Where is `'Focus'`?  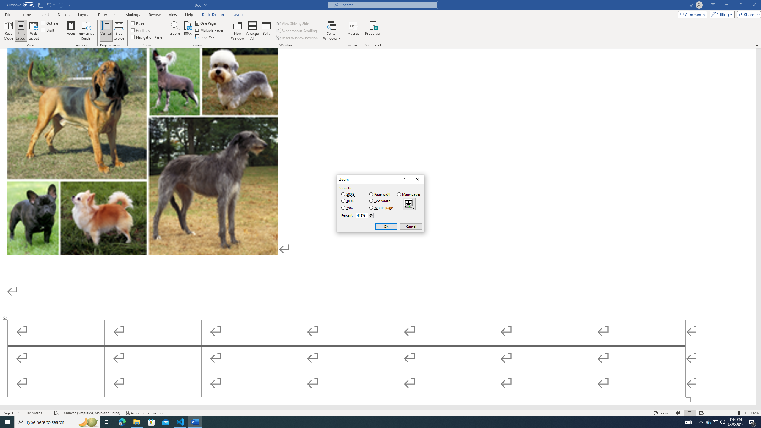 'Focus' is located at coordinates (71, 31).